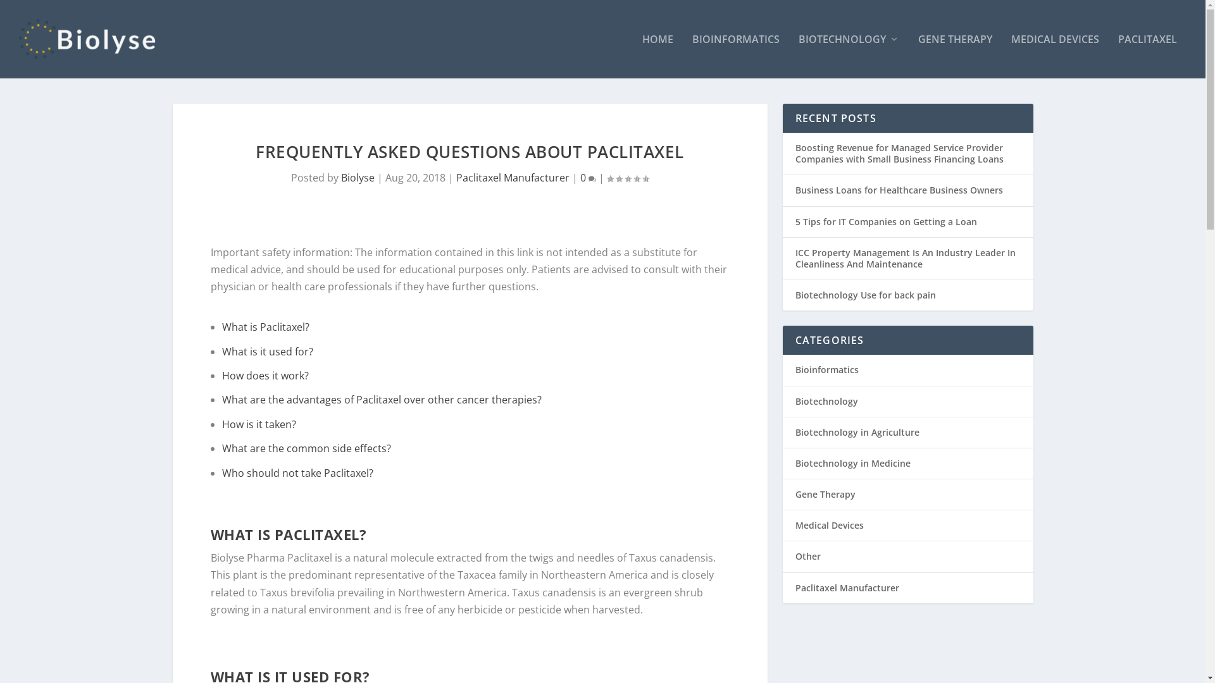 The width and height of the screenshot is (1215, 683). I want to click on 'MEDICAL DEVICES', so click(1055, 55).